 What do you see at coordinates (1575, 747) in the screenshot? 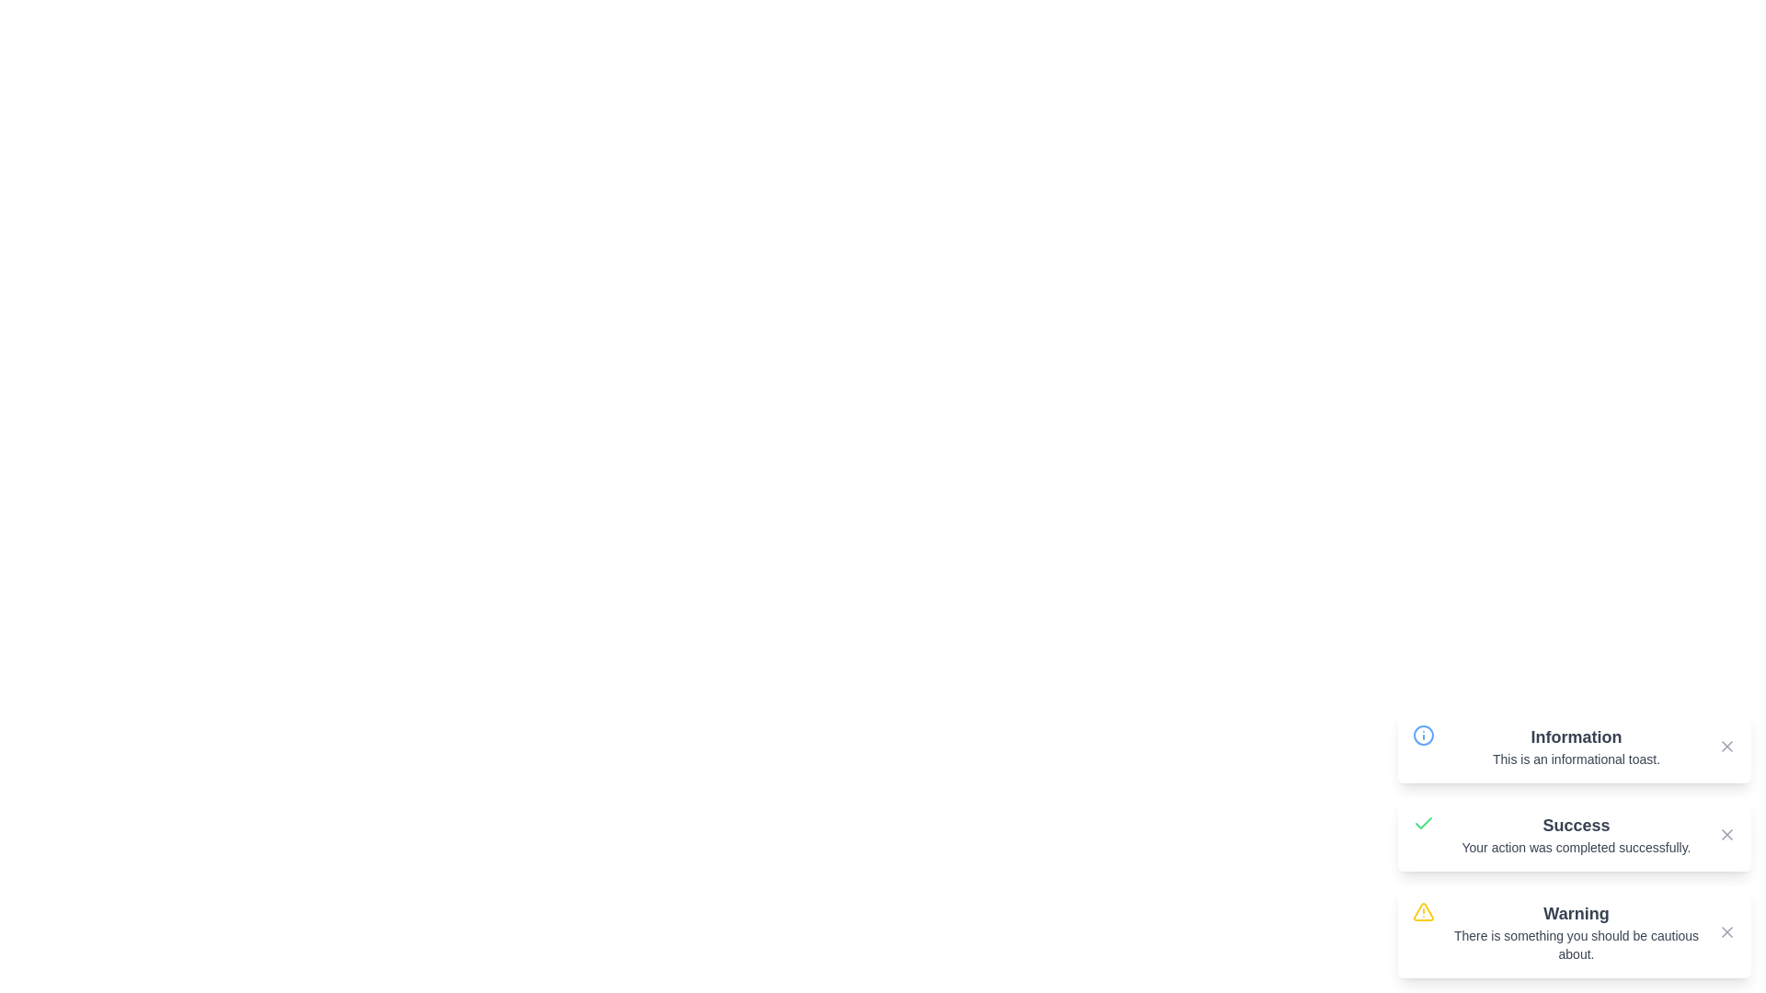
I see `the Text content block of the informational toast notification located at the top of the stacked toast messages, which contains a heading and an informational message` at bounding box center [1575, 747].